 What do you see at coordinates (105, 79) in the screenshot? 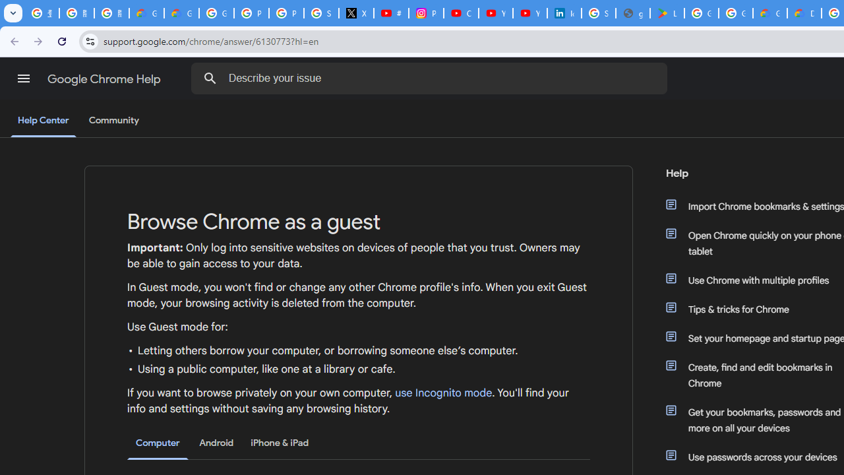
I see `'Google Chrome Help'` at bounding box center [105, 79].